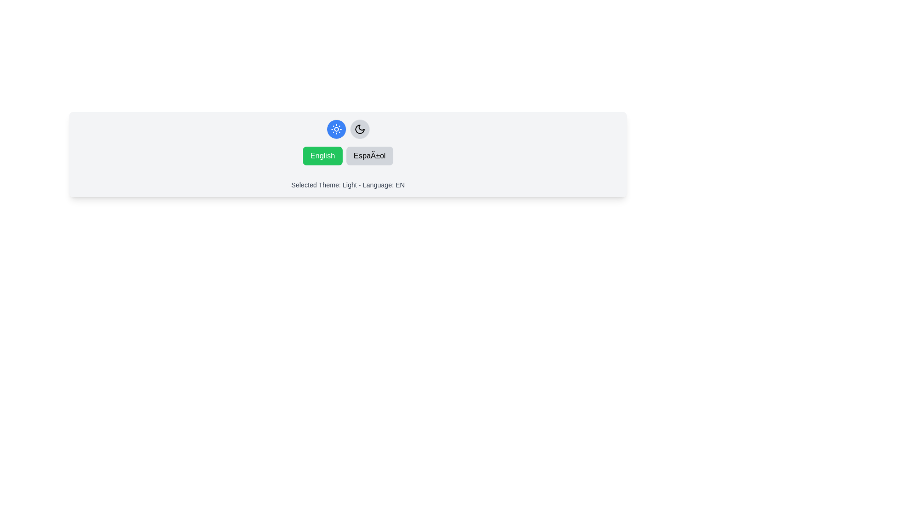 The height and width of the screenshot is (506, 900). I want to click on the toggle button for dark mode, represented by a crescent moon icon, located in the center of the user interface, to switch to night mode, so click(359, 129).